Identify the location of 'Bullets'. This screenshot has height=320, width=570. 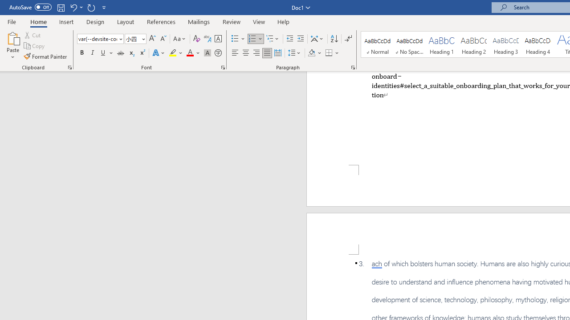
(238, 38).